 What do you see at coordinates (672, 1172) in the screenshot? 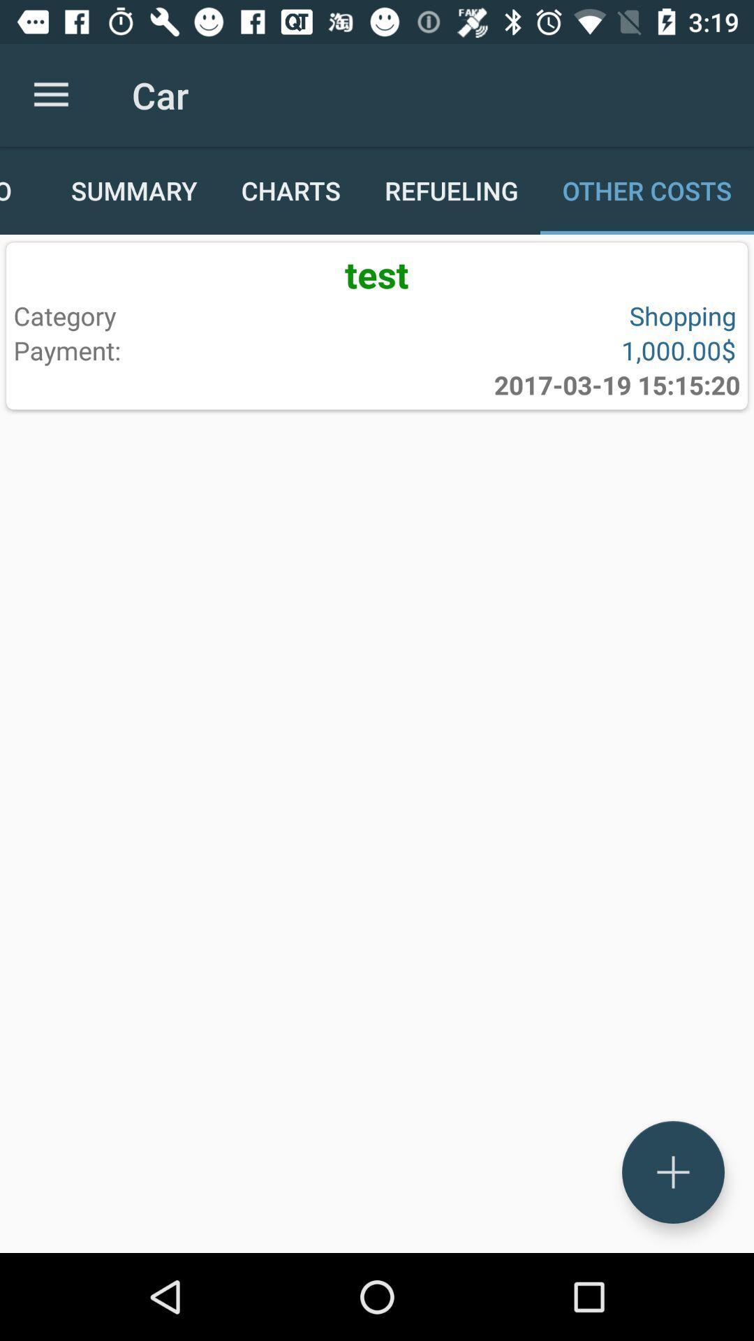
I see `the add icon` at bounding box center [672, 1172].